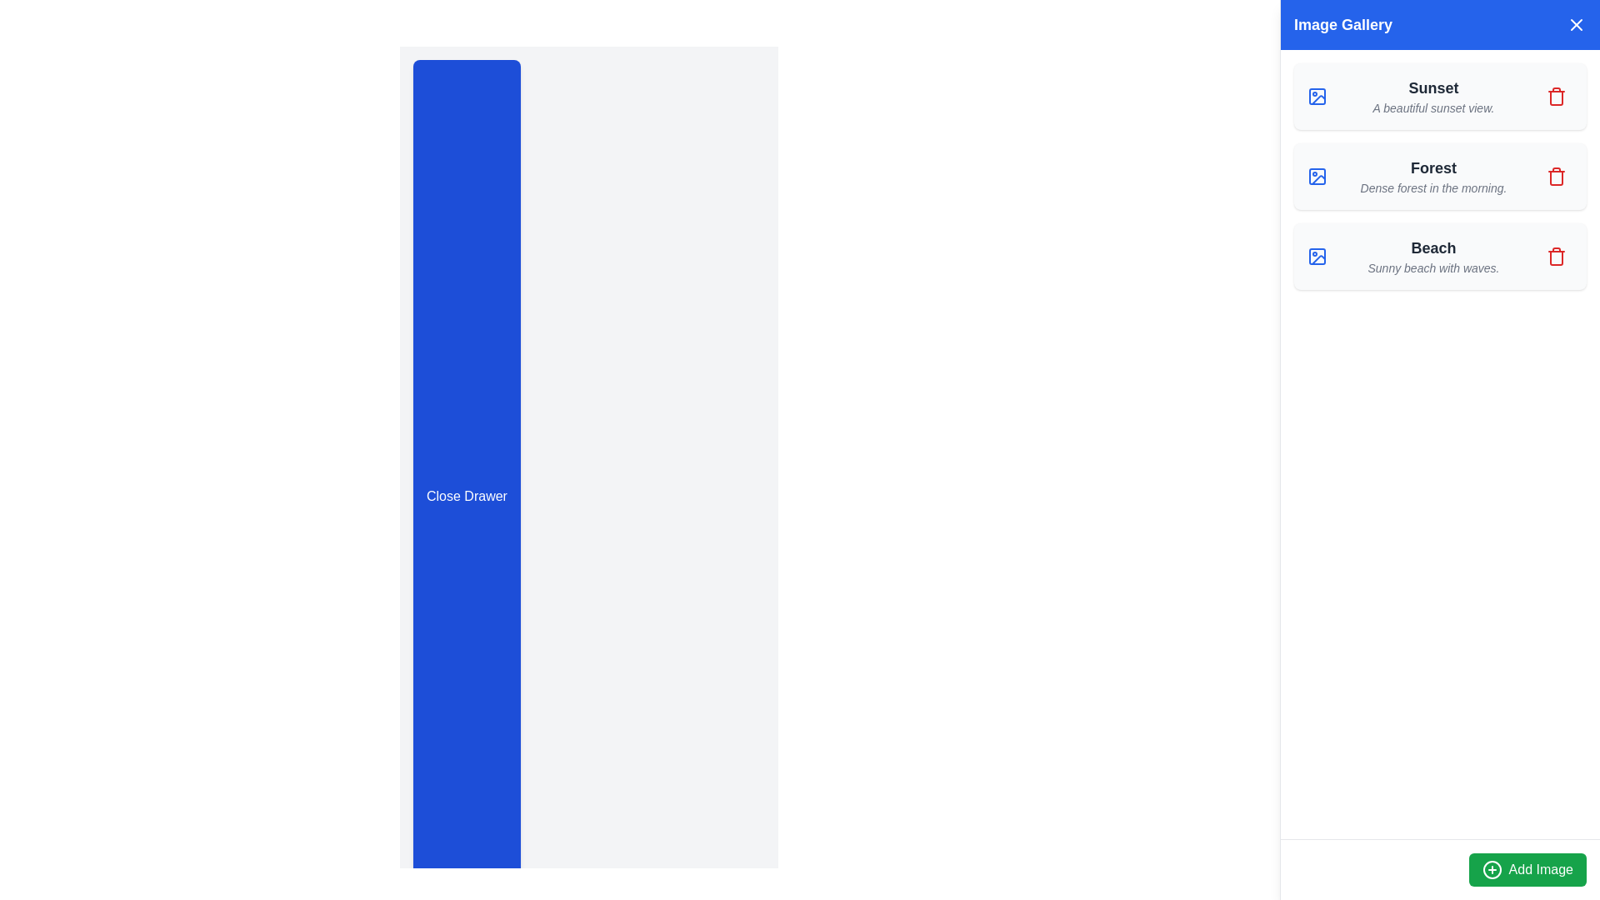  Describe the element at coordinates (1432, 257) in the screenshot. I see `the Text Label displaying 'Beach' in the 'Image Gallery' section, which has a bold title and is located below the 'Sunset' and 'Forest' items` at that location.